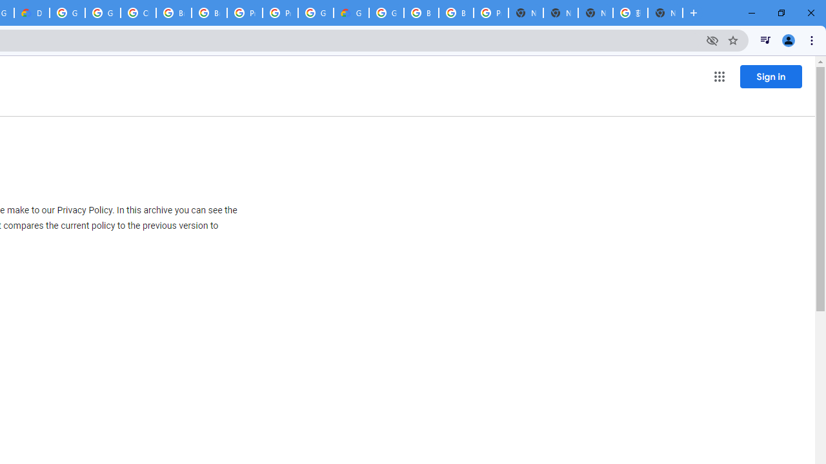  I want to click on 'New Tab', so click(665, 13).